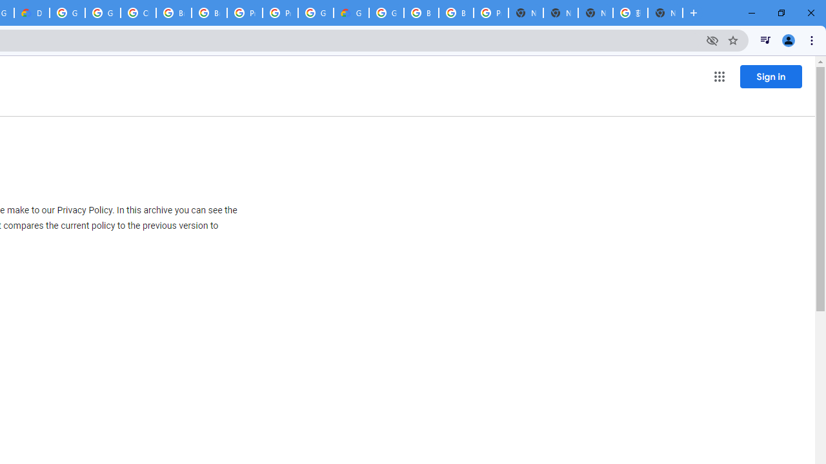  I want to click on 'New Tab', so click(665, 13).